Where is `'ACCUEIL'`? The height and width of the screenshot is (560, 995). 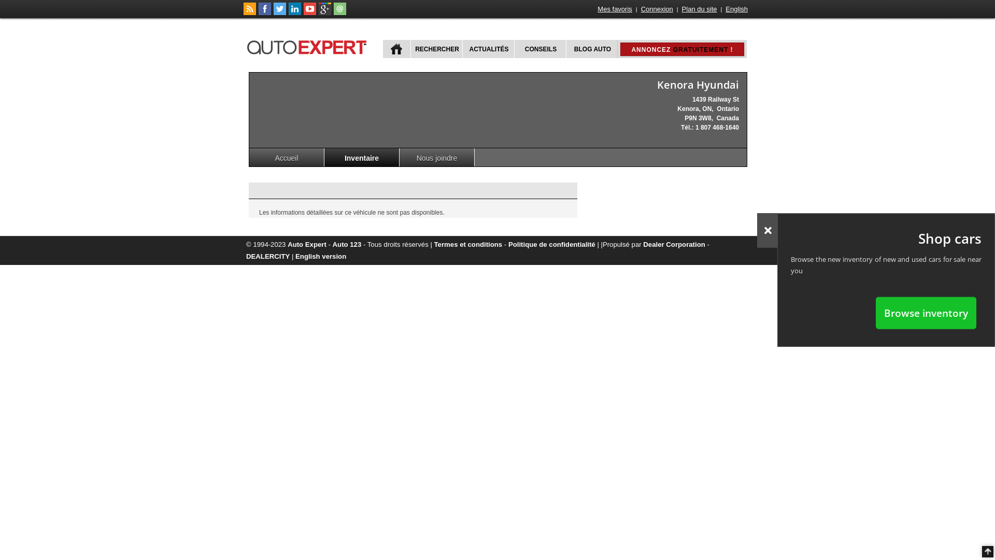
'ACCUEIL' is located at coordinates (396, 49).